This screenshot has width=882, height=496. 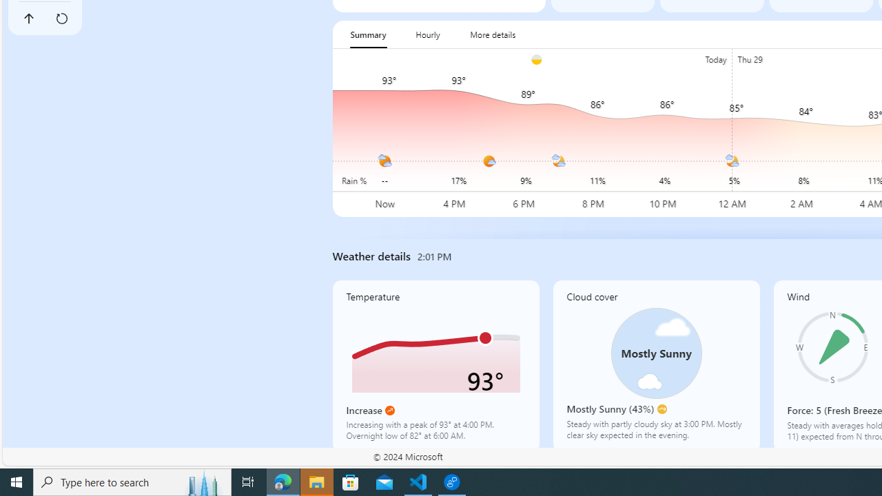 I want to click on 'Class: cloudCoverSvg-DS-ps0R9q', so click(x=655, y=353).